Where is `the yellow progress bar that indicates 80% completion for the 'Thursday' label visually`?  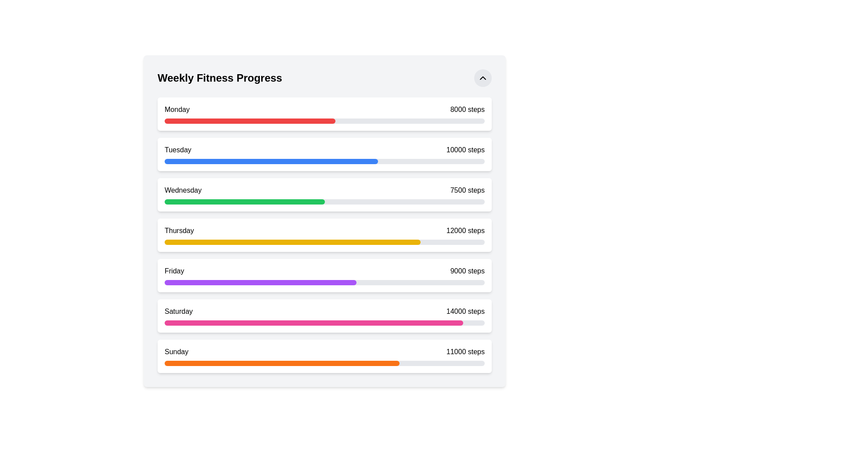
the yellow progress bar that indicates 80% completion for the 'Thursday' label visually is located at coordinates (292, 242).